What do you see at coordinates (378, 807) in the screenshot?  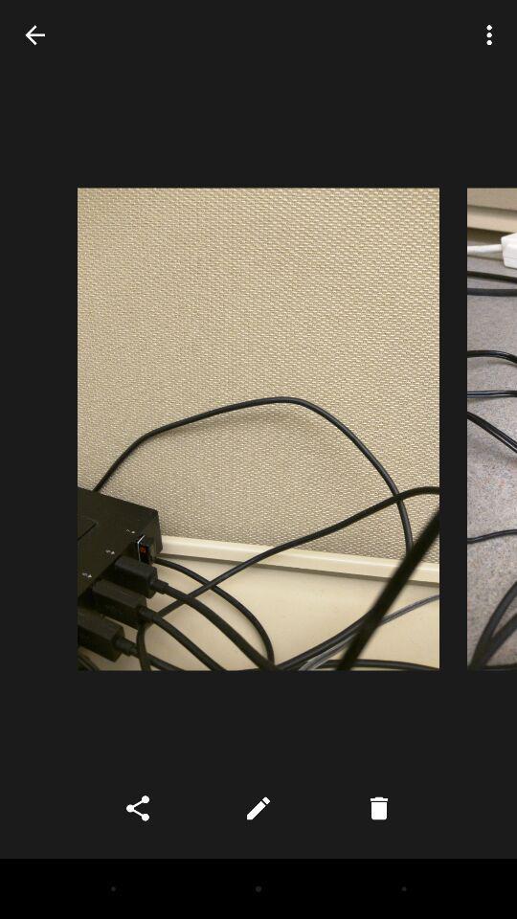 I see `the delete icon` at bounding box center [378, 807].